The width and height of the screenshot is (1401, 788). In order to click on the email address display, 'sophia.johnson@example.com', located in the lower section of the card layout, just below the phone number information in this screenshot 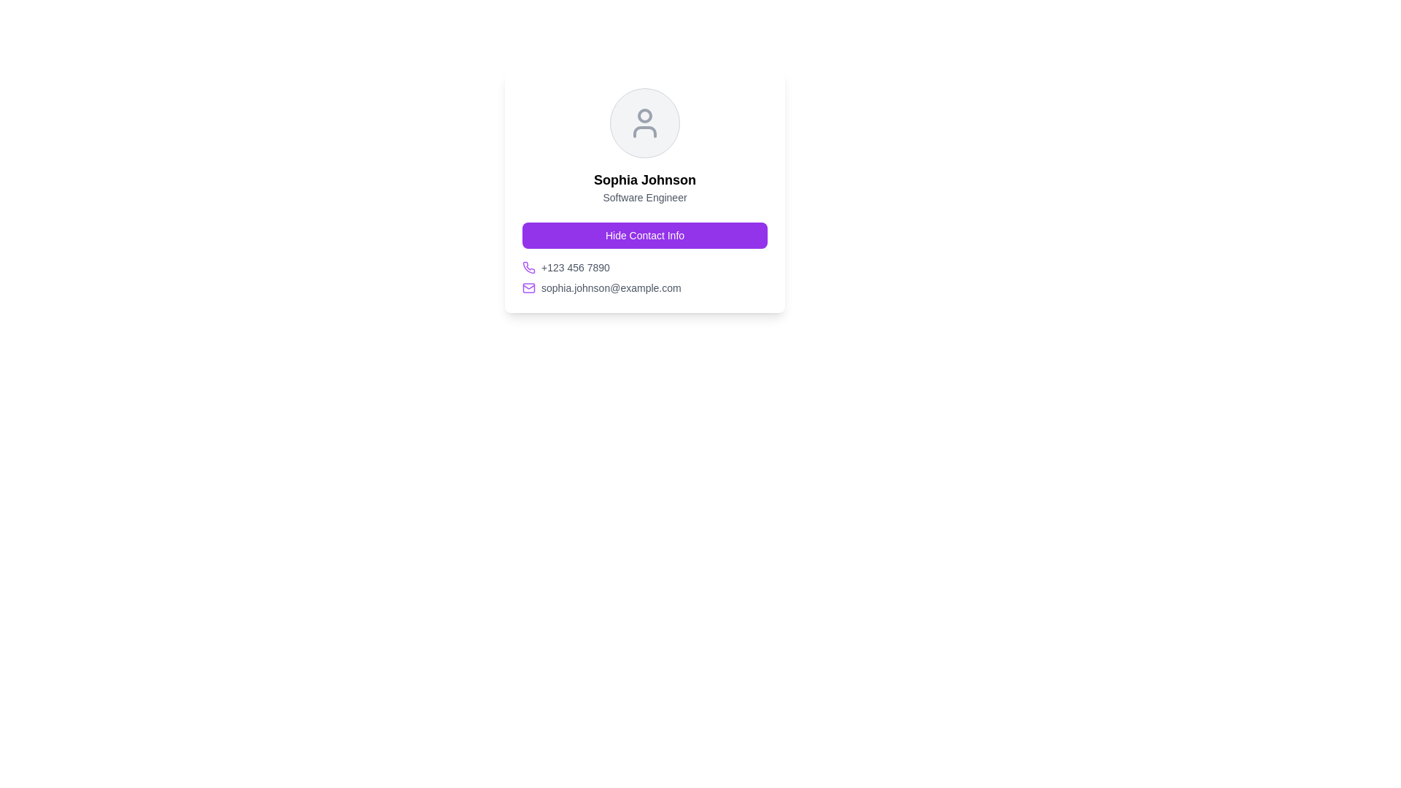, I will do `click(644, 287)`.